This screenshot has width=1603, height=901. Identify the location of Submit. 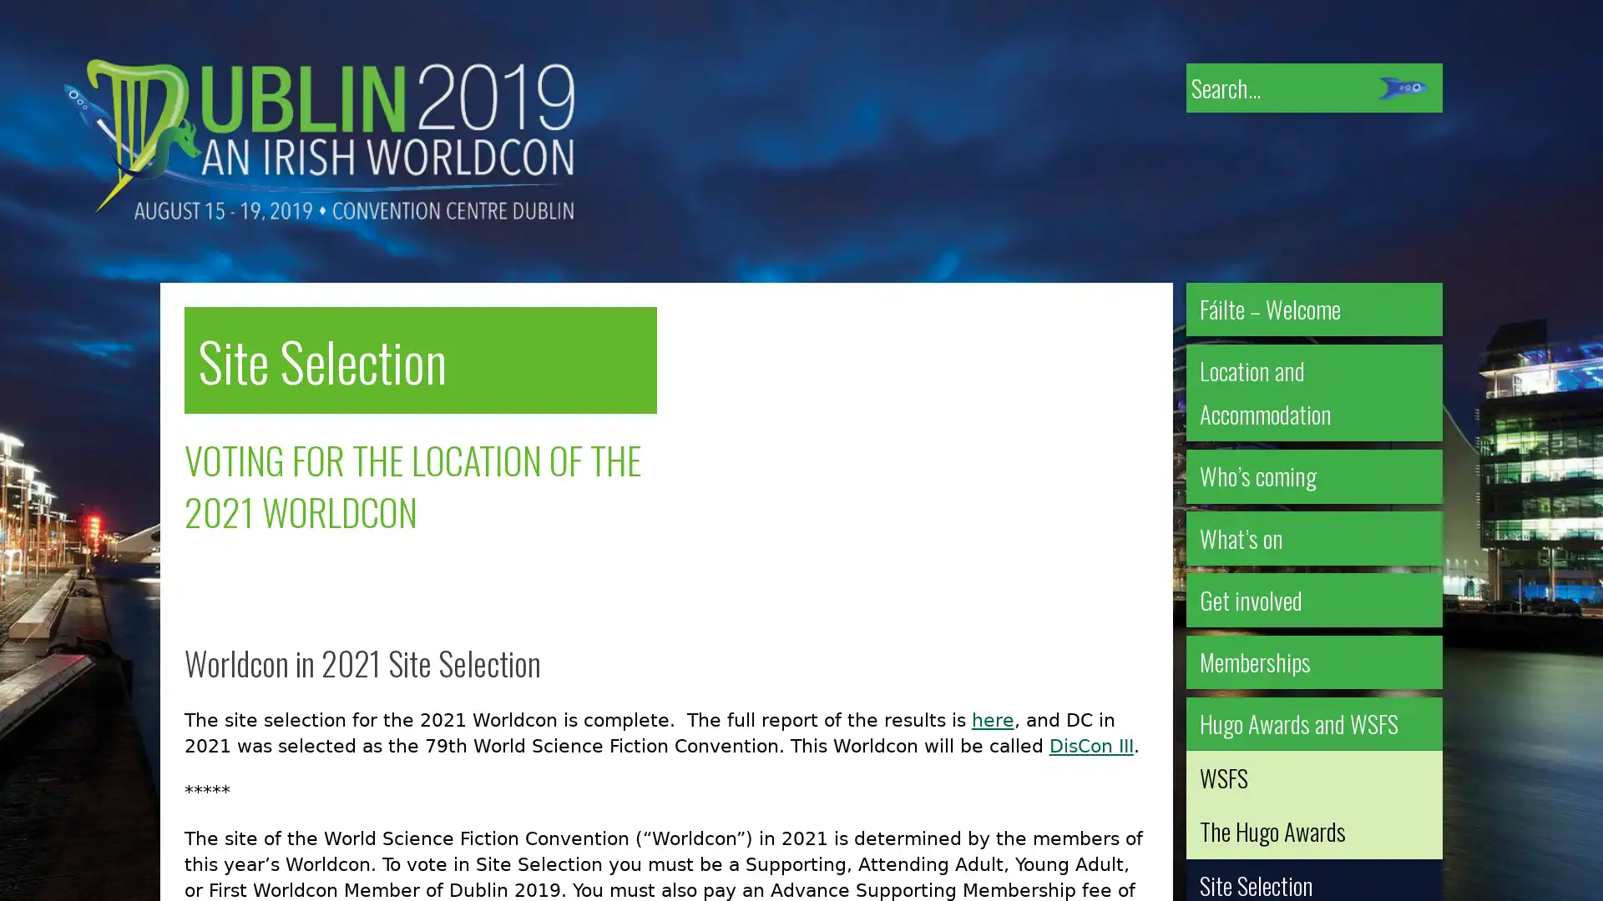
(1403, 88).